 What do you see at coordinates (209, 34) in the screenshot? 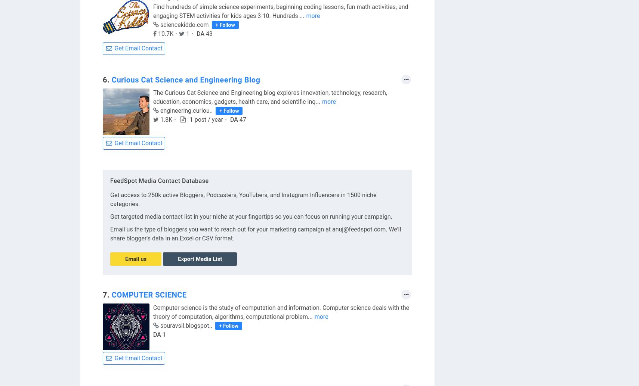
I see `'43'` at bounding box center [209, 34].